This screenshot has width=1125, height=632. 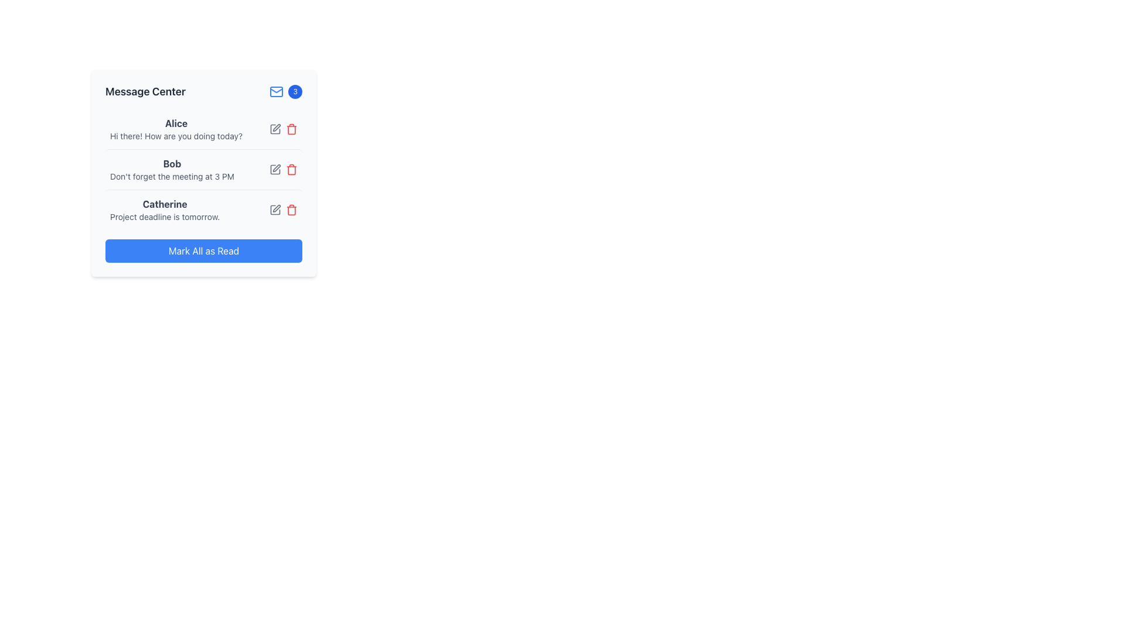 What do you see at coordinates (176, 135) in the screenshot?
I see `the message preview text that displays content sent by 'Alice', located below the 'Alice' label in the message center module` at bounding box center [176, 135].